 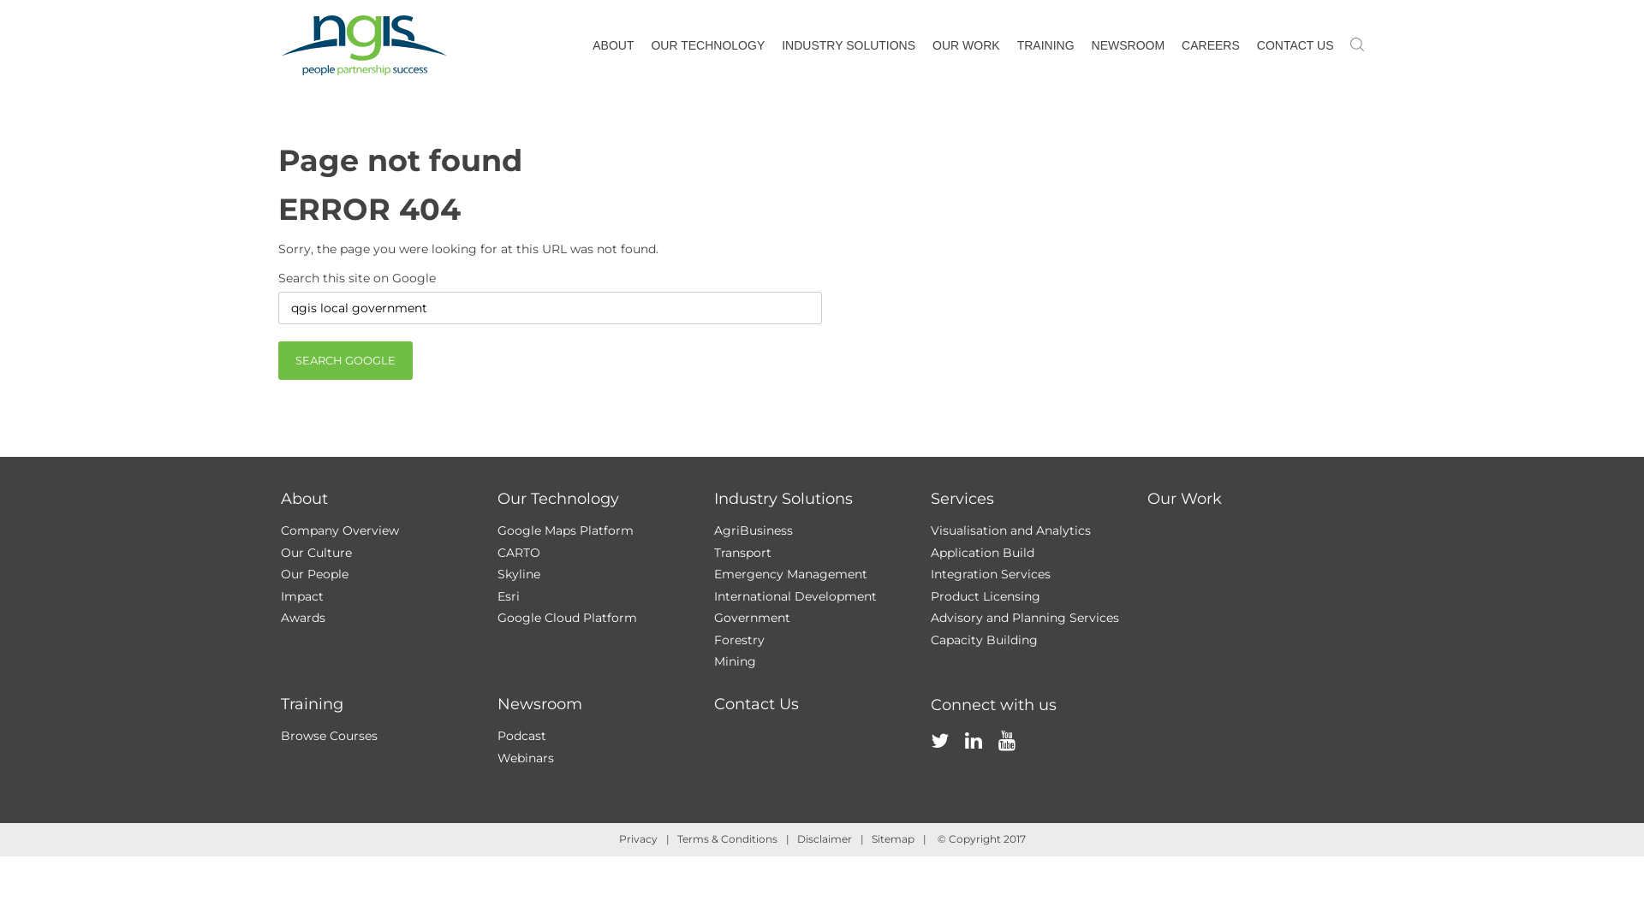 I want to click on 'Our Culture', so click(x=316, y=552).